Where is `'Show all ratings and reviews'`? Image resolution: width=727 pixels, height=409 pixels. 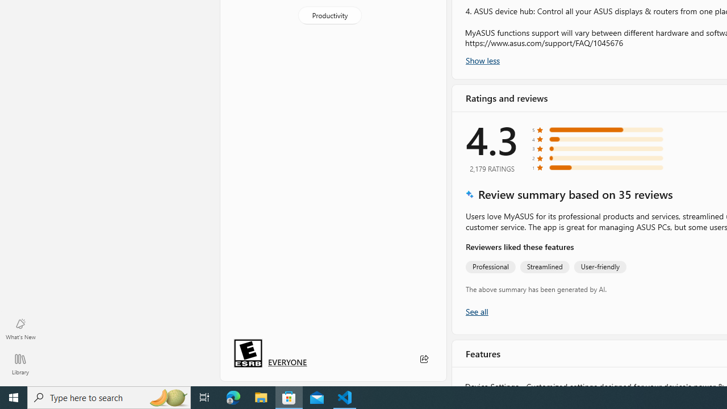
'Show all ratings and reviews' is located at coordinates (477, 311).